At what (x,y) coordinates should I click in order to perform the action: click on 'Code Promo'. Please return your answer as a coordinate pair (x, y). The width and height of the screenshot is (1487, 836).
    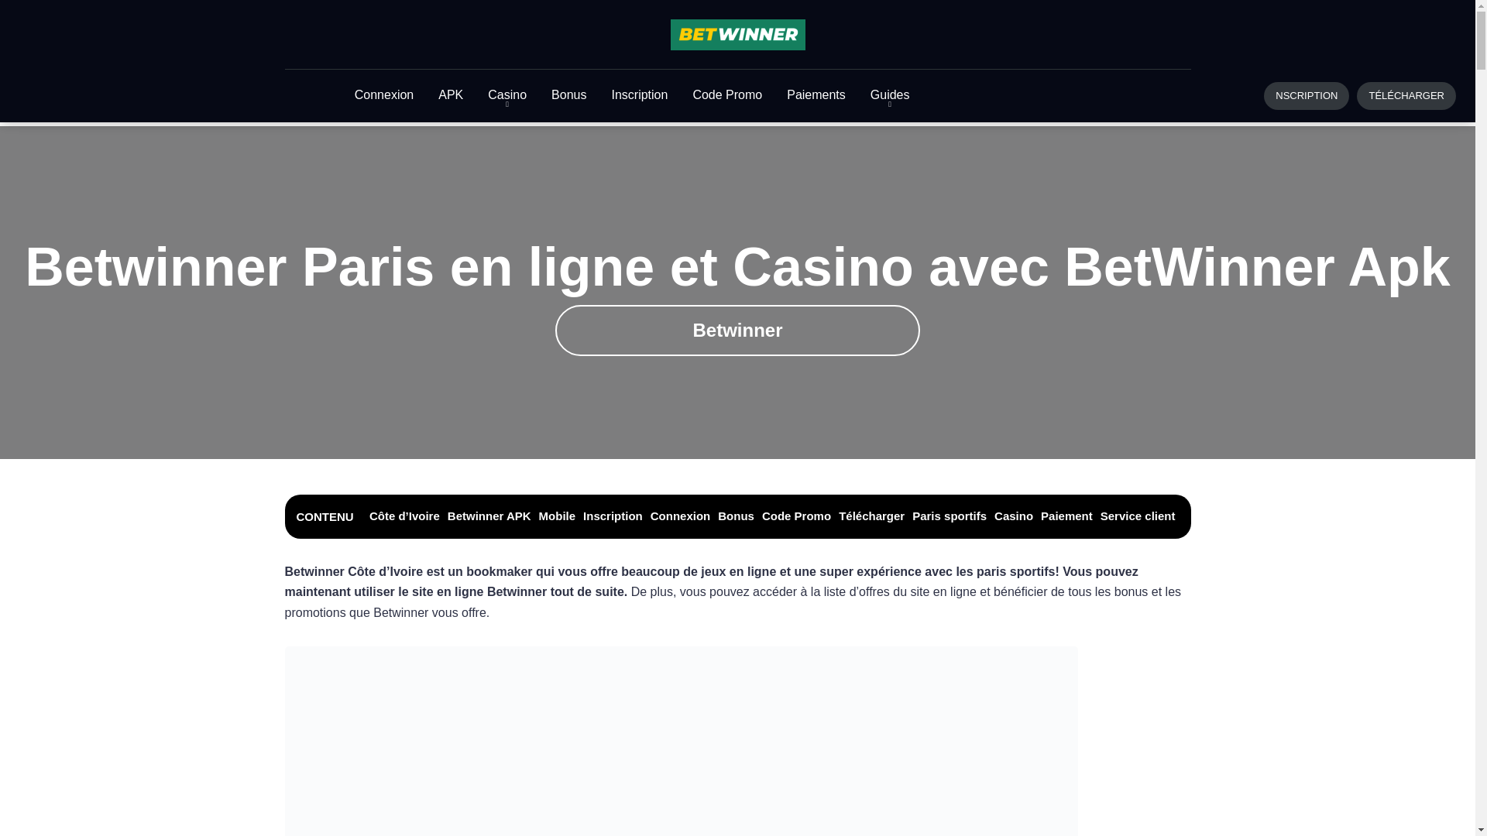
    Looking at the image, I should click on (796, 516).